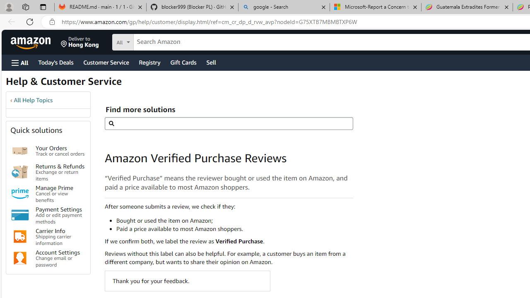 The image size is (530, 298). I want to click on 'Account Settings Change email or password', so click(60, 257).